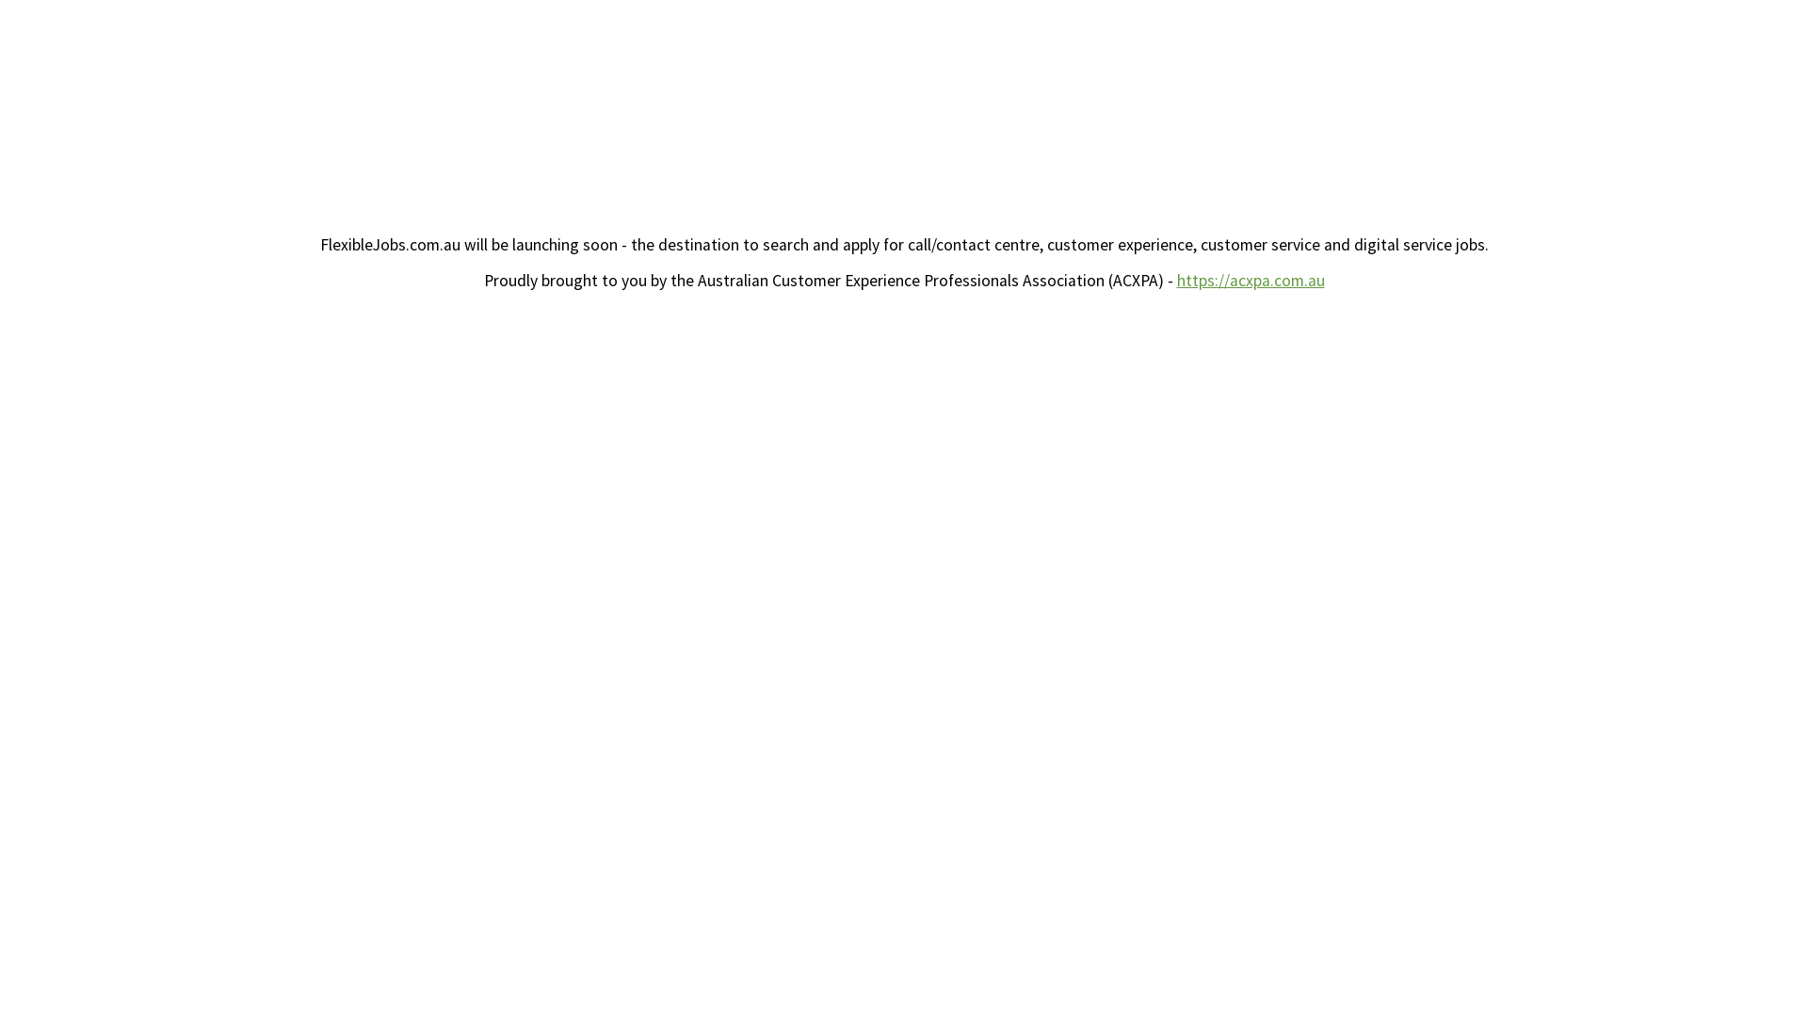 The width and height of the screenshot is (1808, 1017). What do you see at coordinates (1251, 280) in the screenshot?
I see `'https://acxpa.com.au'` at bounding box center [1251, 280].